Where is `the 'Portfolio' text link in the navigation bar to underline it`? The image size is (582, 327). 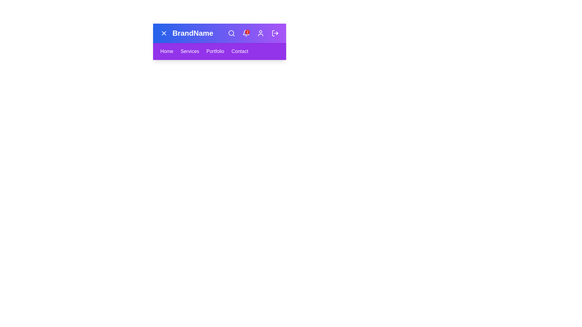 the 'Portfolio' text link in the navigation bar to underline it is located at coordinates (215, 51).